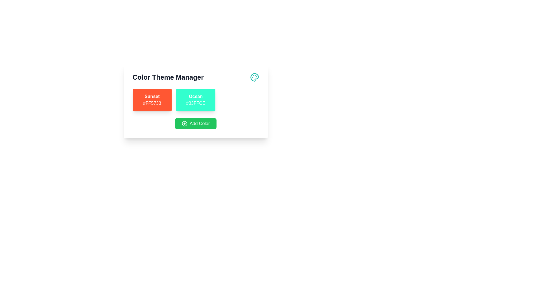 The height and width of the screenshot is (305, 542). Describe the element at coordinates (152, 96) in the screenshot. I see `the Text label representing the color theme named 'Sunset', positioned above the text '#FF5733' in the upper section of the card component` at that location.